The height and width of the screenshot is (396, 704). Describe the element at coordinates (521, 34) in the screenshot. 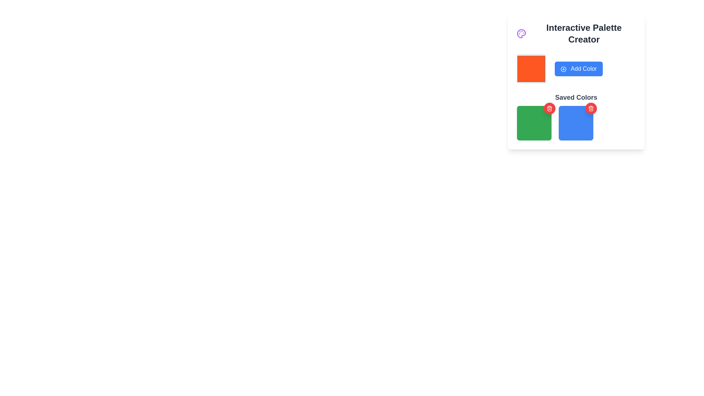

I see `the purple painter's palette icon located to the left of the 'Interactive Palette Creator' heading` at that location.